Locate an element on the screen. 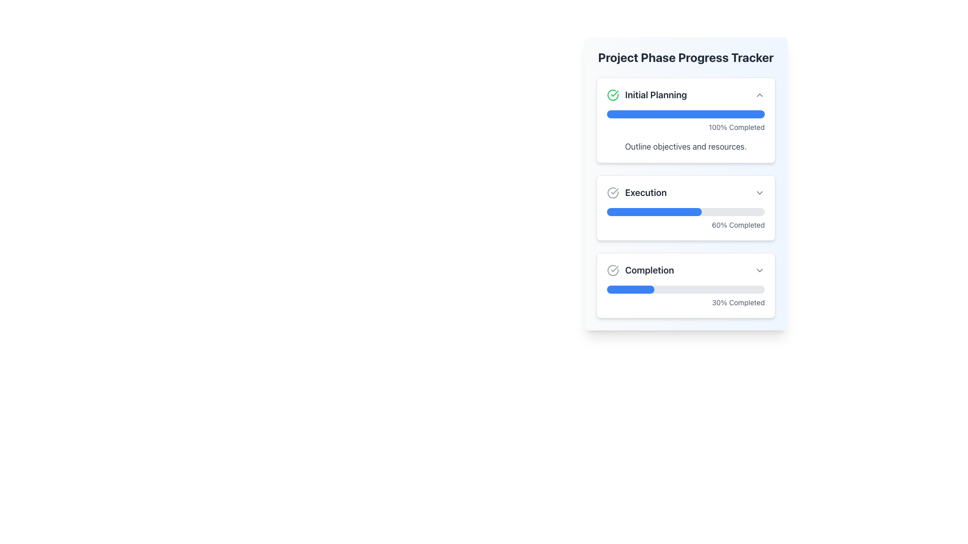  the toggle button for the 'Initial Planning' section in the 'Project Phase Progress Tracker' to receive visual feedback is located at coordinates (760, 95).